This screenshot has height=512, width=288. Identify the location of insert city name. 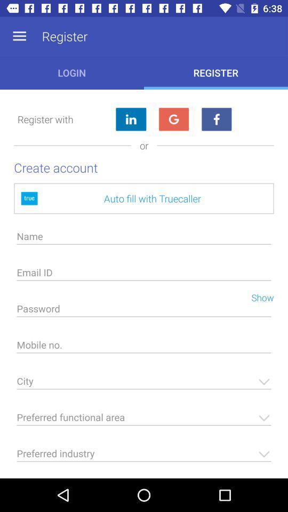
(144, 384).